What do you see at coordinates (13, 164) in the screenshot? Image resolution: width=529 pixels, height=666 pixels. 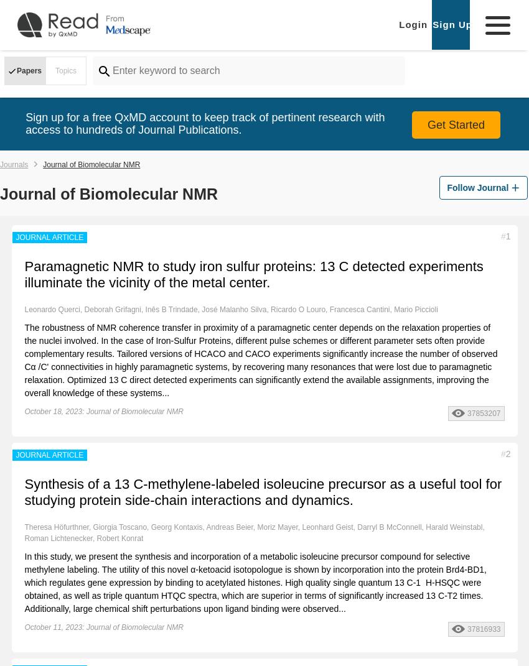 I see `'Journals'` at bounding box center [13, 164].